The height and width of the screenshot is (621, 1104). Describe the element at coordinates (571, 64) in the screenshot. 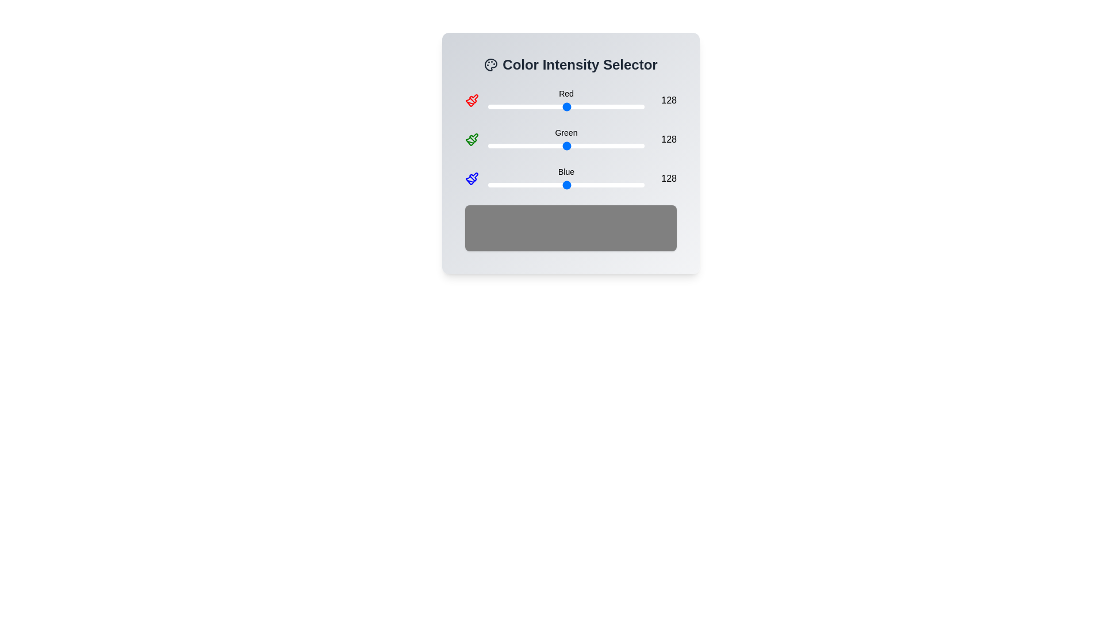

I see `the 'Color Intensity Selector' text header, which is styled in bold and large font, with an adjacent color palette icon to the left` at that location.